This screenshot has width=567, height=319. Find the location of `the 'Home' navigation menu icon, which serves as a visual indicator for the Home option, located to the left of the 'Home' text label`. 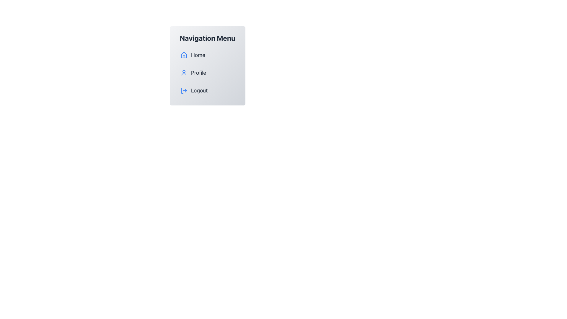

the 'Home' navigation menu icon, which serves as a visual indicator for the Home option, located to the left of the 'Home' text label is located at coordinates (184, 55).